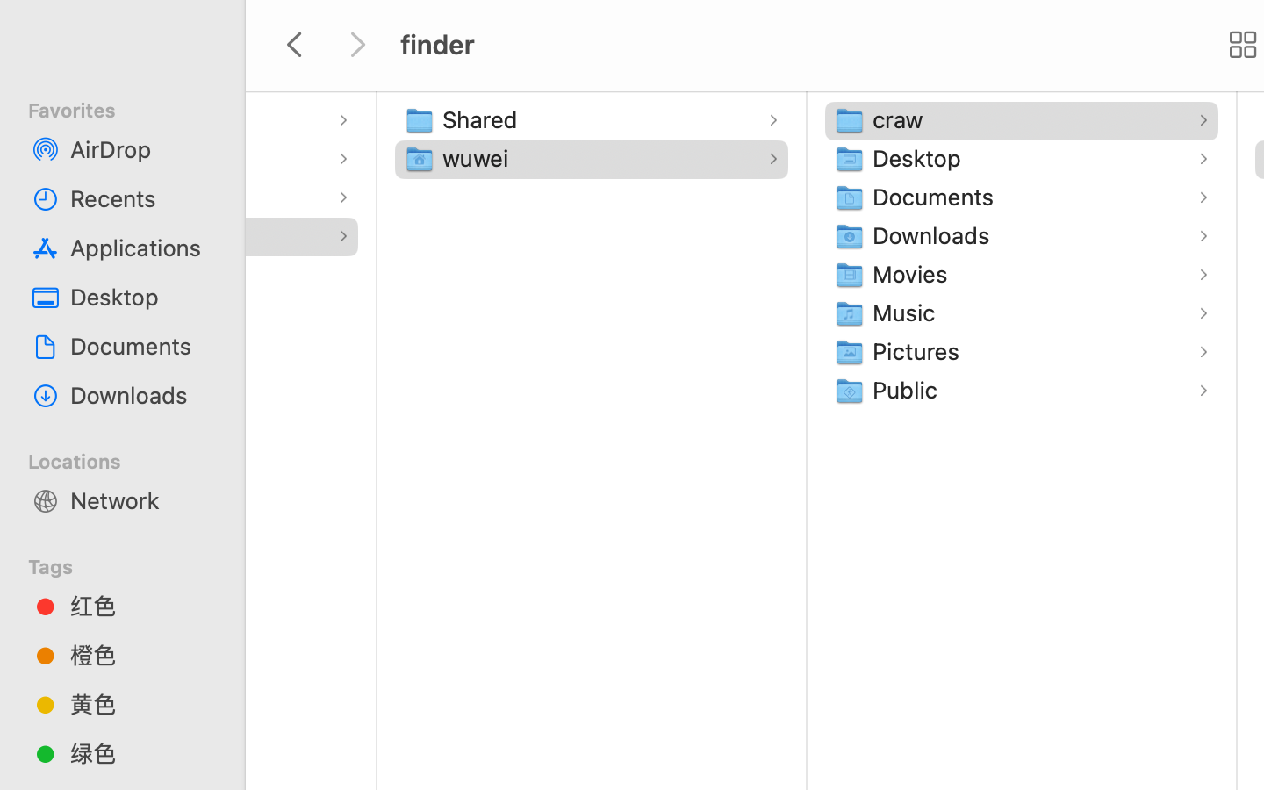  I want to click on '橙色', so click(140, 654).